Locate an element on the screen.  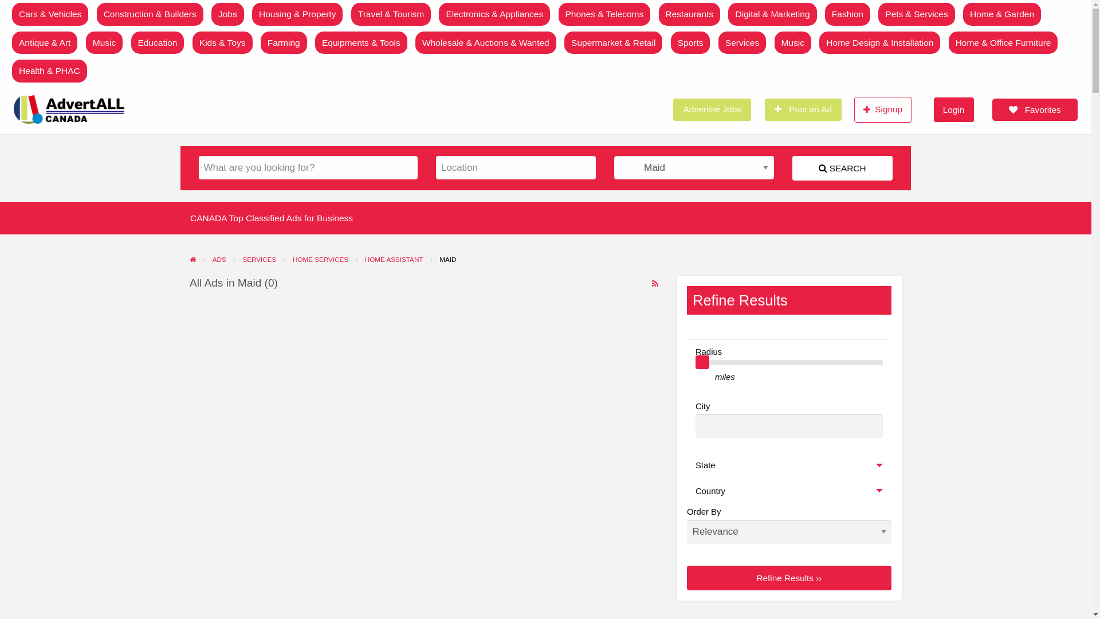
'Jobs' is located at coordinates (227, 14).